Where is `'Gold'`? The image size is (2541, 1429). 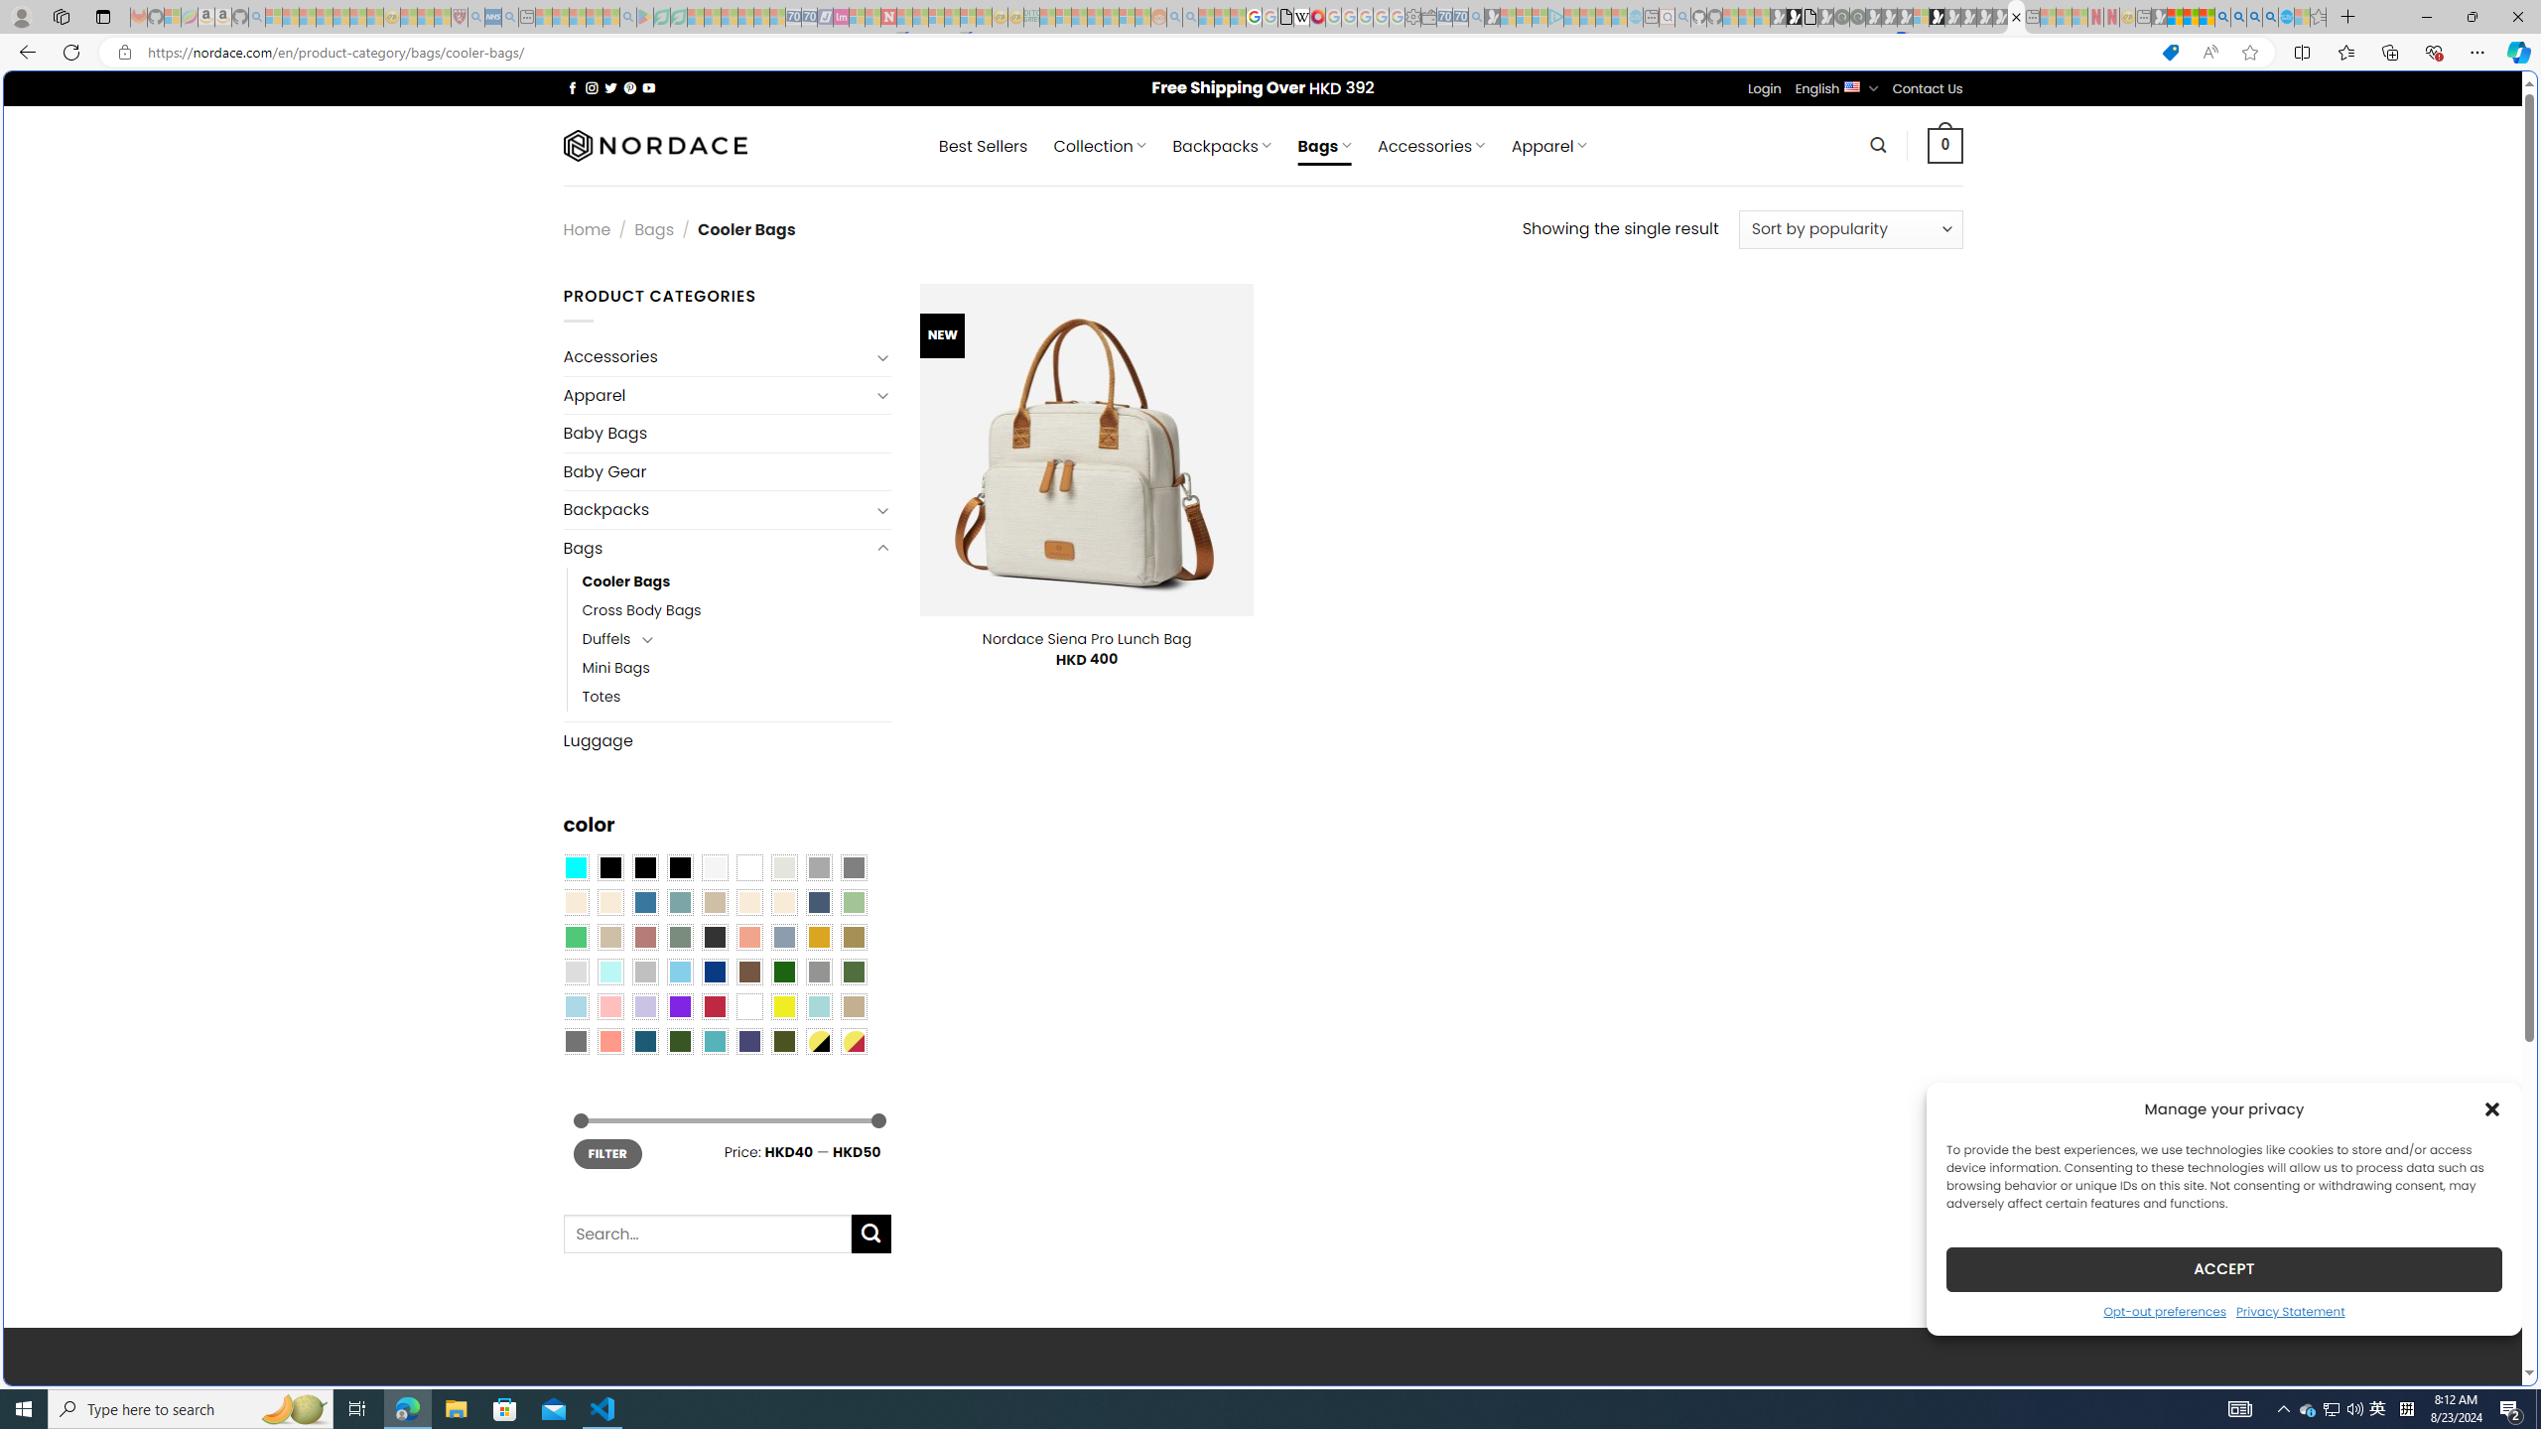 'Gold' is located at coordinates (817, 936).